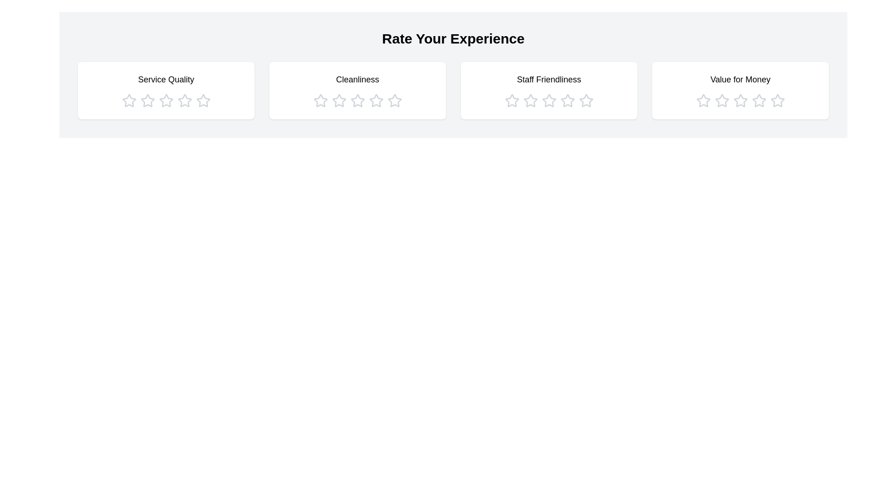 This screenshot has height=500, width=890. Describe the element at coordinates (394, 101) in the screenshot. I see `the star icon corresponding to 5 stars in the category Cleanliness` at that location.